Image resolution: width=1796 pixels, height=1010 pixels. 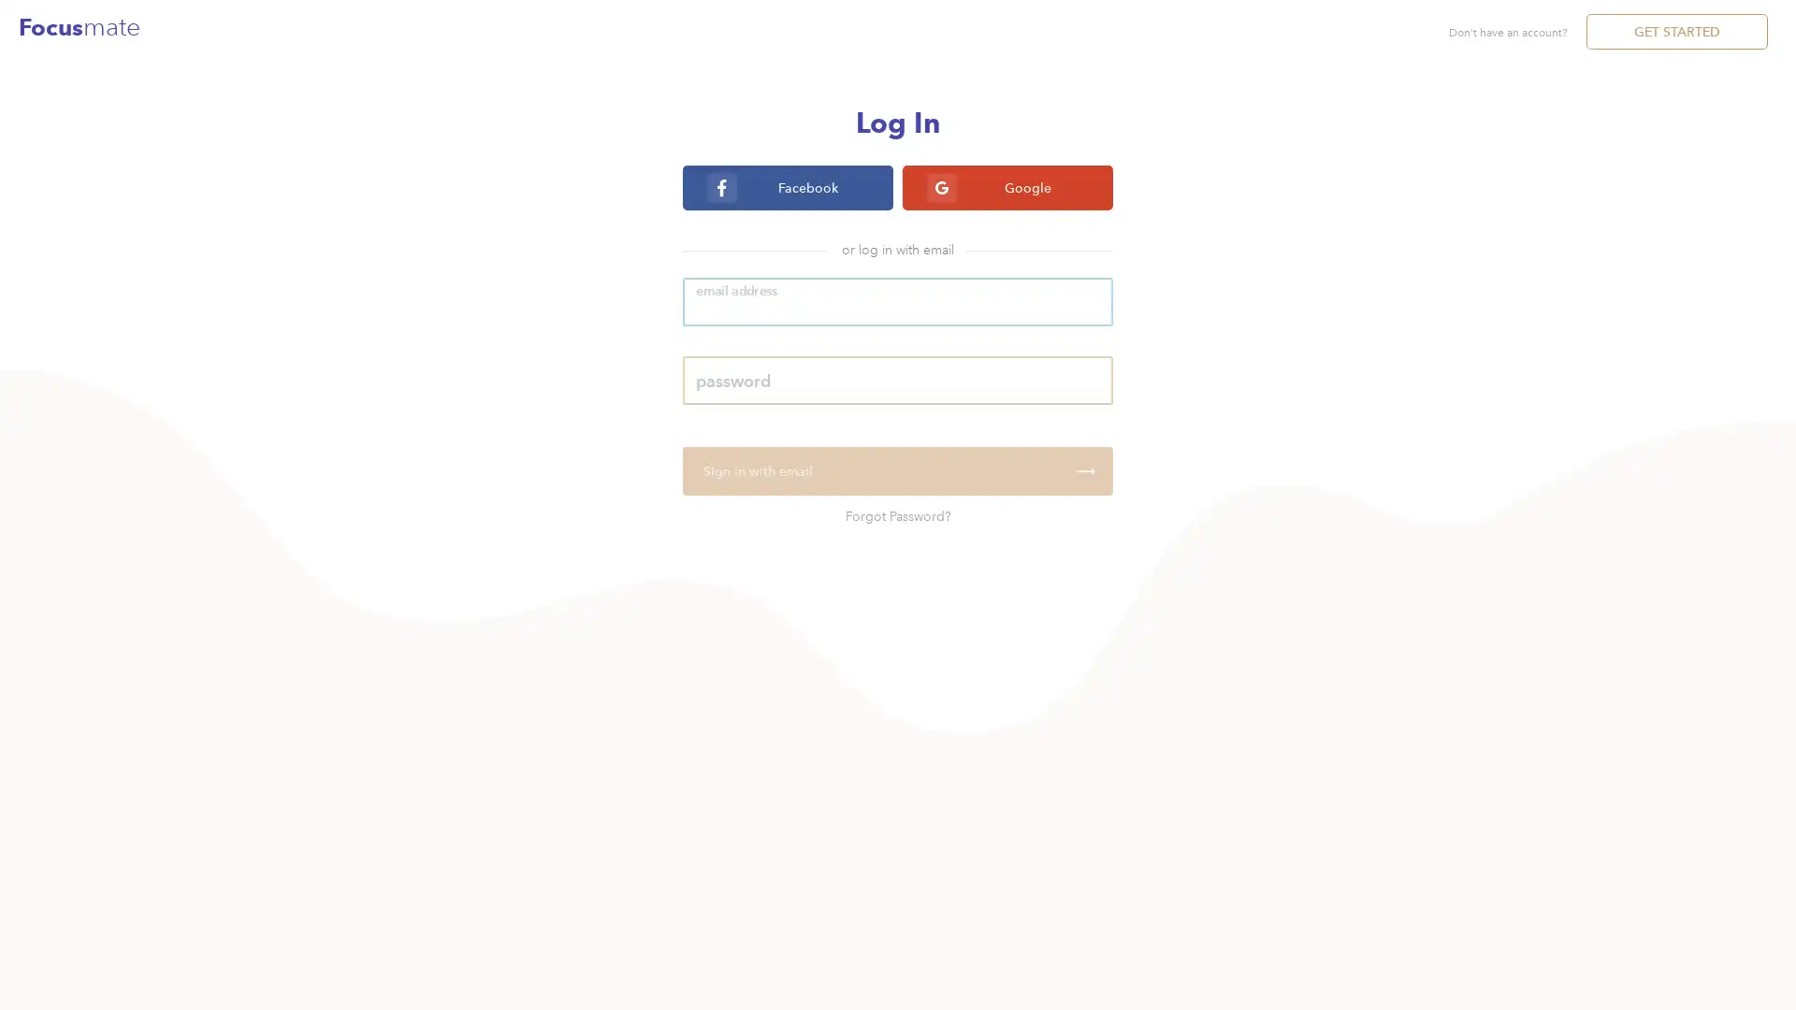 I want to click on Google, so click(x=1007, y=187).